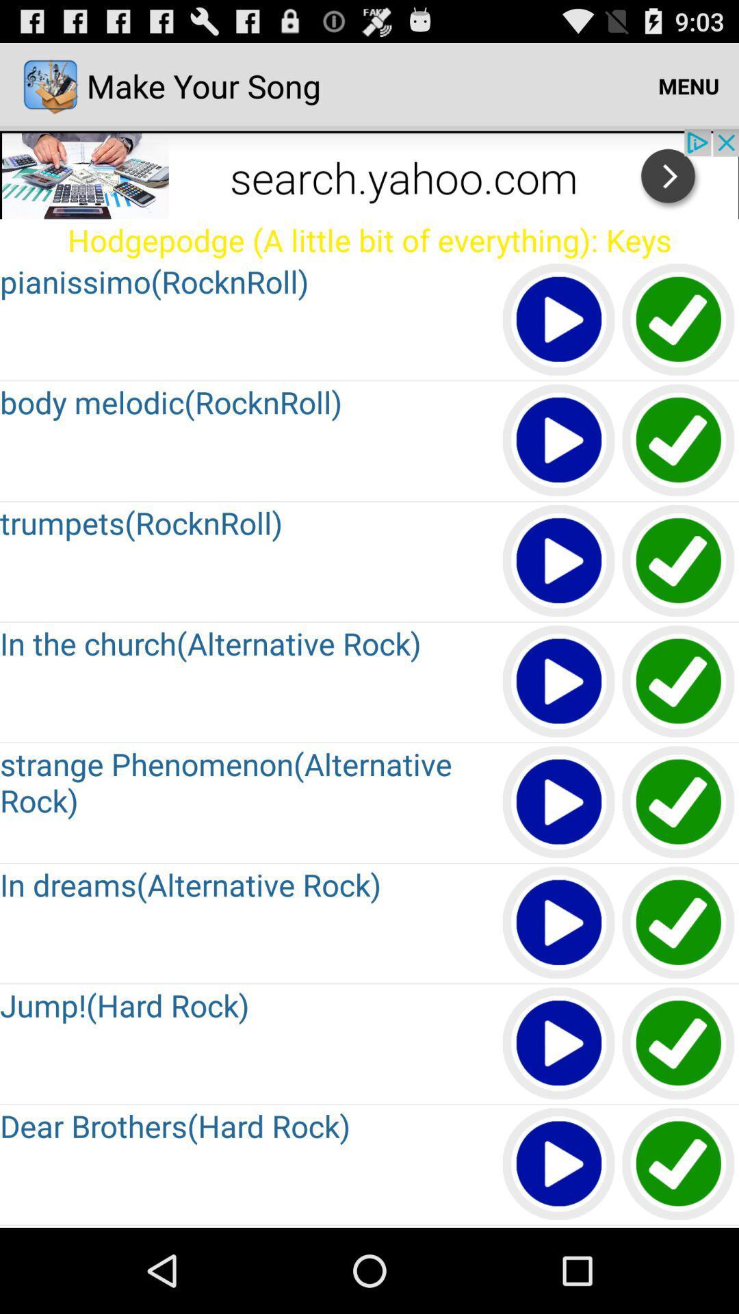 This screenshot has width=739, height=1314. What do you see at coordinates (679, 923) in the screenshot?
I see `button` at bounding box center [679, 923].